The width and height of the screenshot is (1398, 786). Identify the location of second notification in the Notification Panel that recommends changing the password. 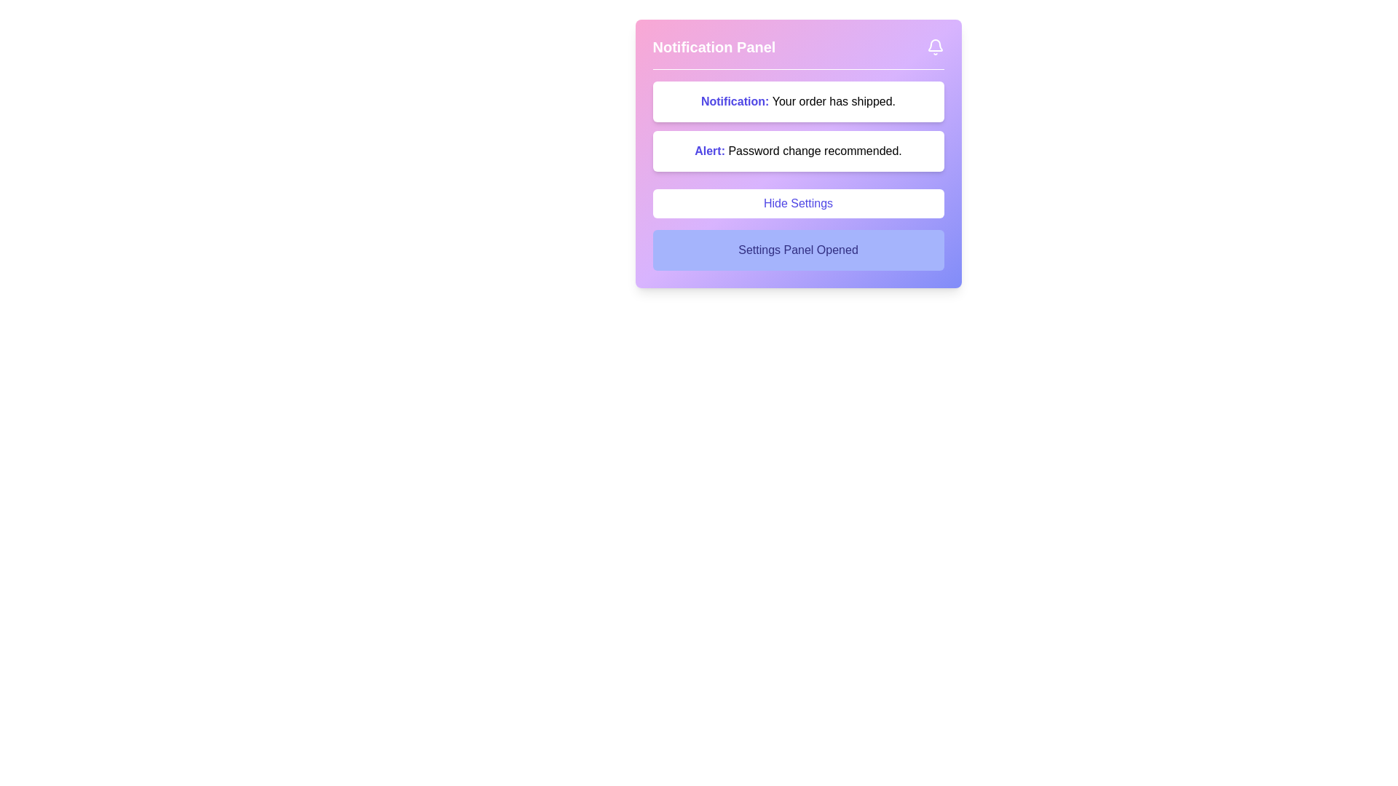
(797, 151).